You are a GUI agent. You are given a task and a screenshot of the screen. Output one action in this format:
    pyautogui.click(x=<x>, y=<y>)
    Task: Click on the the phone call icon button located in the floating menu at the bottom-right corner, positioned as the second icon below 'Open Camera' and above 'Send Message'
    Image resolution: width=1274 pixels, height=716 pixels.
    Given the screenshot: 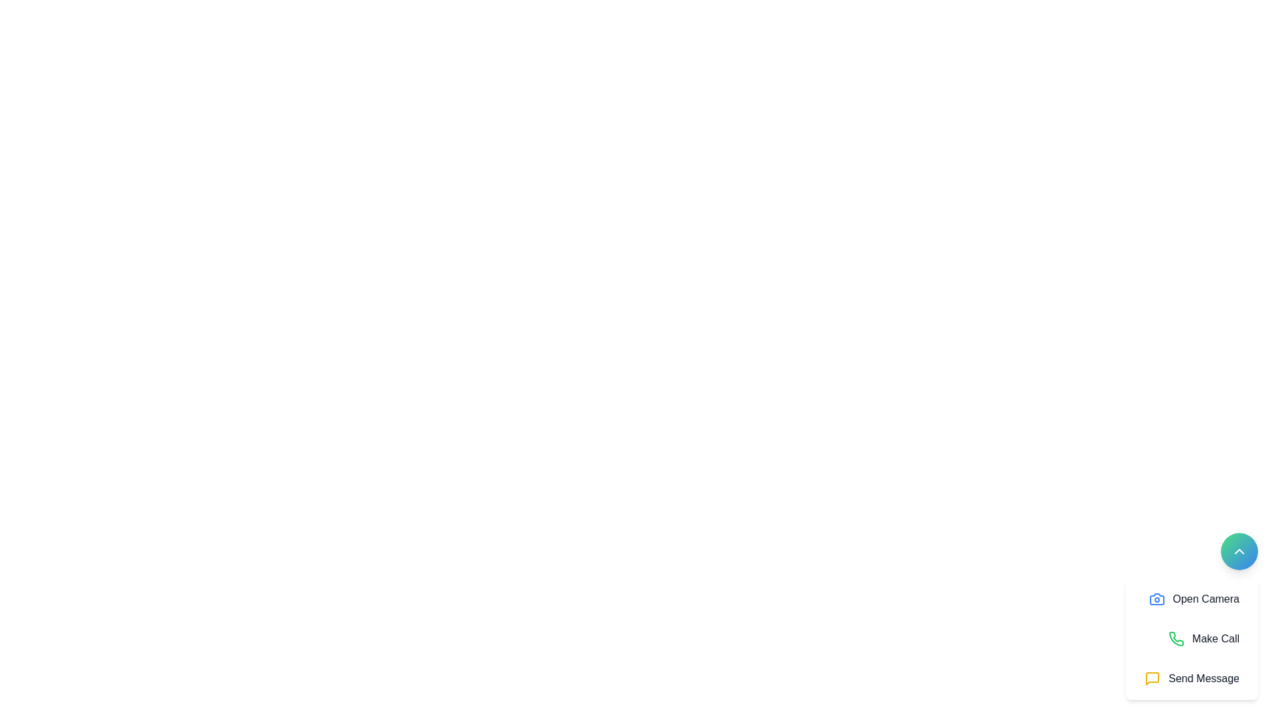 What is the action you would take?
    pyautogui.click(x=1176, y=638)
    